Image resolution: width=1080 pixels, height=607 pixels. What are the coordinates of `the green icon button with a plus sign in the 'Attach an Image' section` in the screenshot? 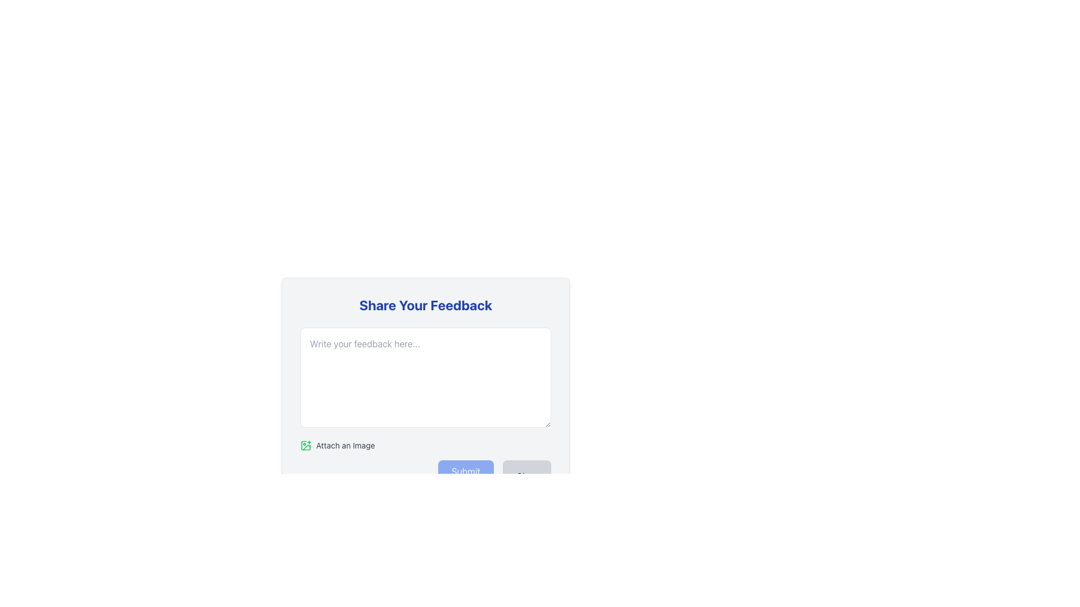 It's located at (305, 445).